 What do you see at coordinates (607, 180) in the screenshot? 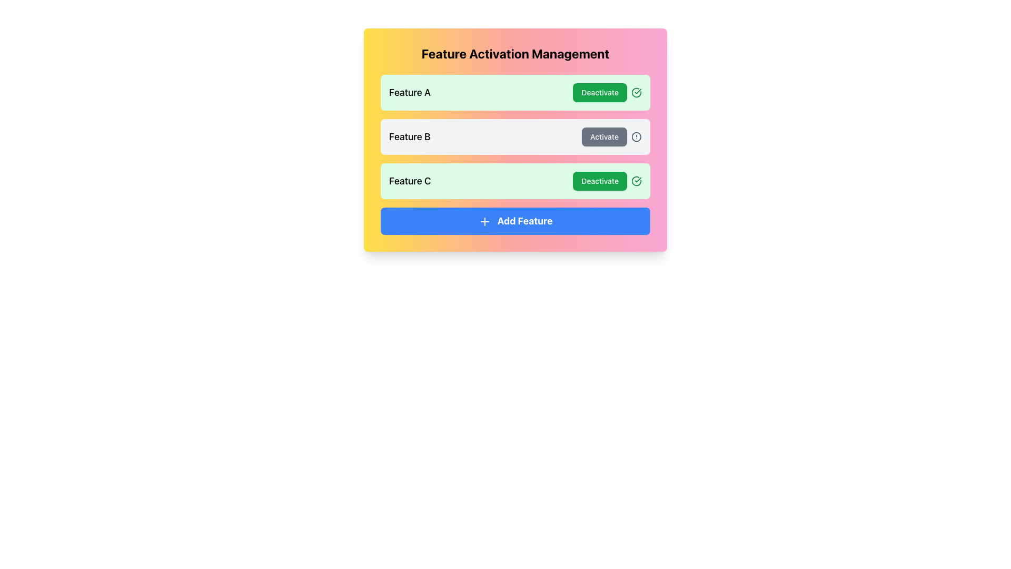
I see `the button in the 'Feature C' section` at bounding box center [607, 180].